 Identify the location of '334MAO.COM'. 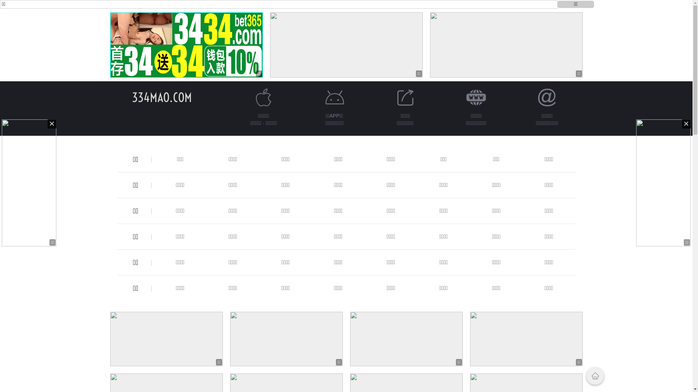
(161, 97).